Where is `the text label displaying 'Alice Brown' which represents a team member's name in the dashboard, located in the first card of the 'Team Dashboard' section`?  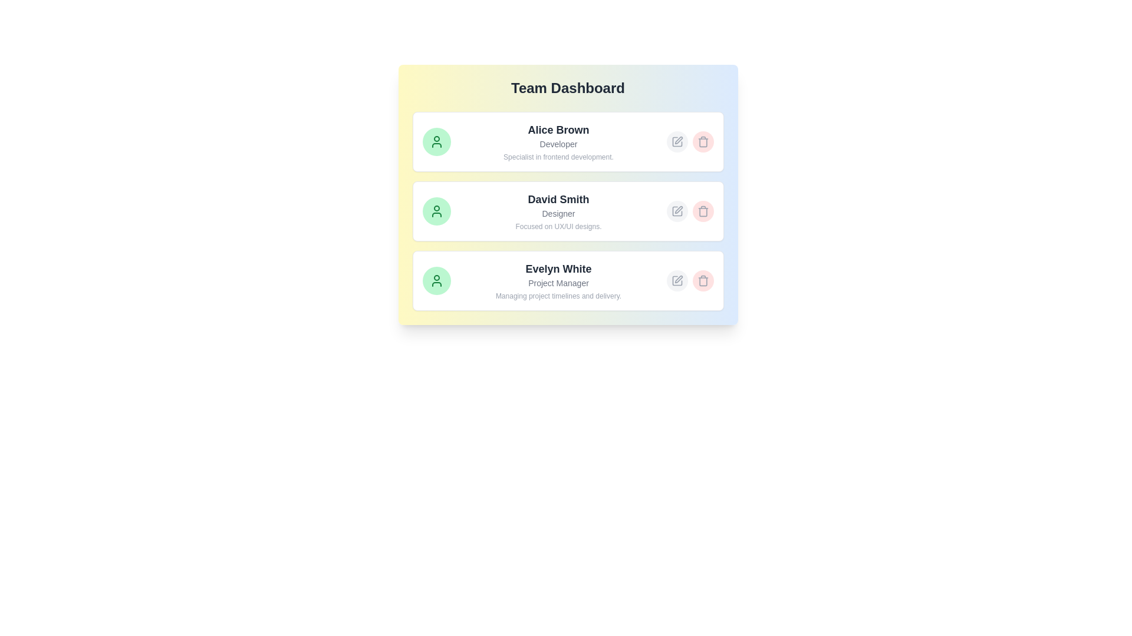
the text label displaying 'Alice Brown' which represents a team member's name in the dashboard, located in the first card of the 'Team Dashboard' section is located at coordinates (558, 130).